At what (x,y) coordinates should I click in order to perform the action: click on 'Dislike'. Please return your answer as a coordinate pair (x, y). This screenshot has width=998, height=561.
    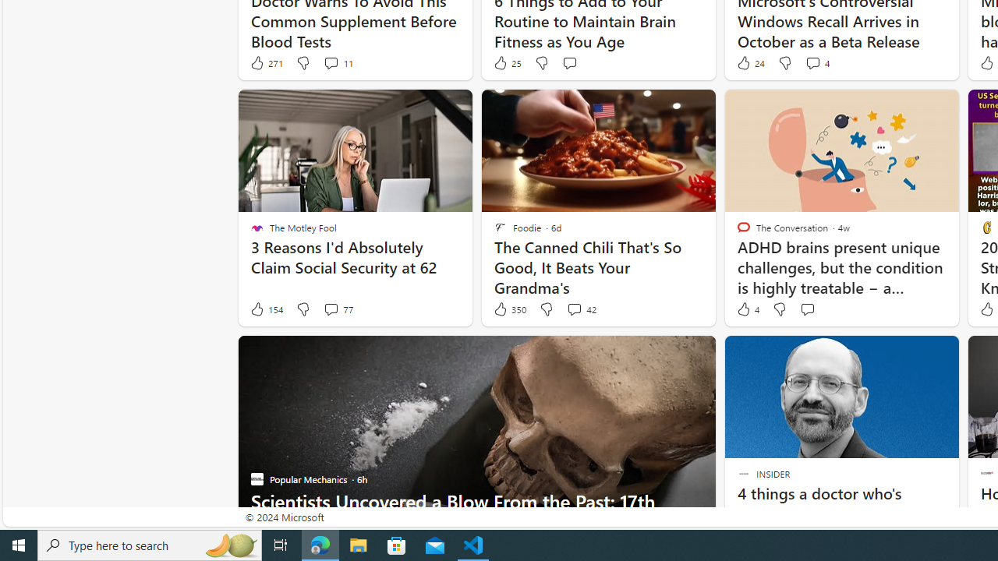
    Looking at the image, I should click on (779, 309).